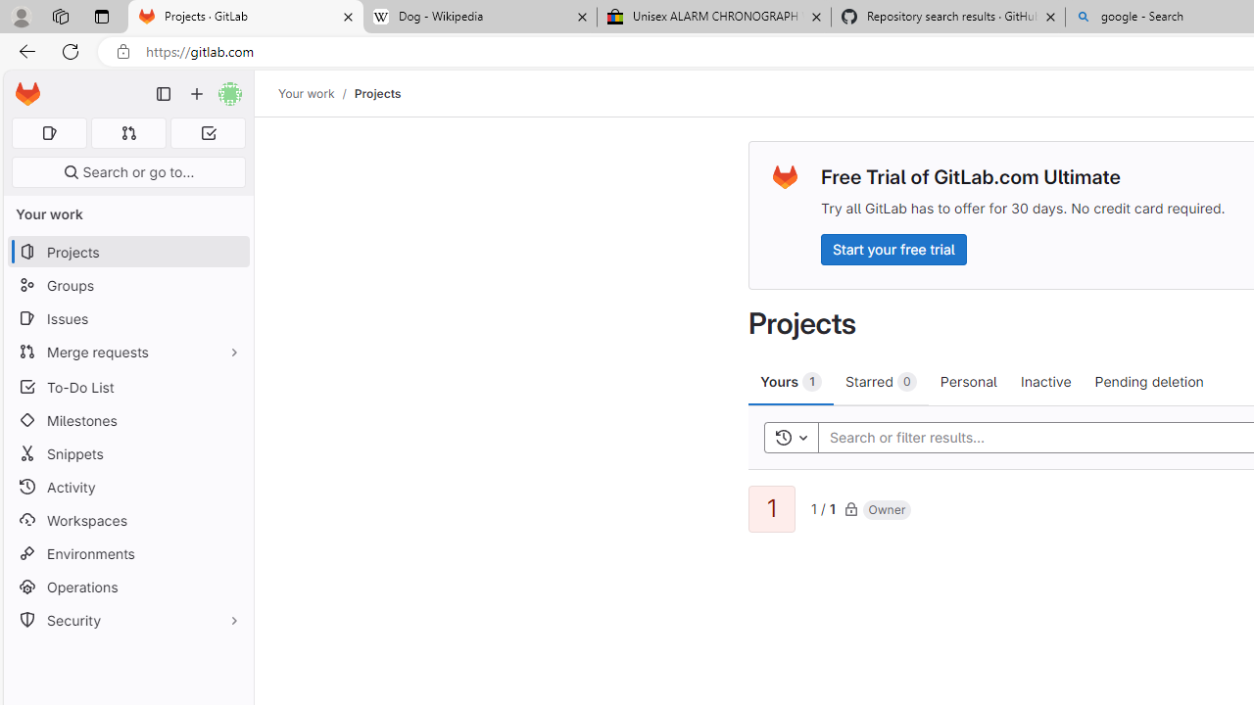 The height and width of the screenshot is (705, 1254). What do you see at coordinates (127, 620) in the screenshot?
I see `'Security'` at bounding box center [127, 620].